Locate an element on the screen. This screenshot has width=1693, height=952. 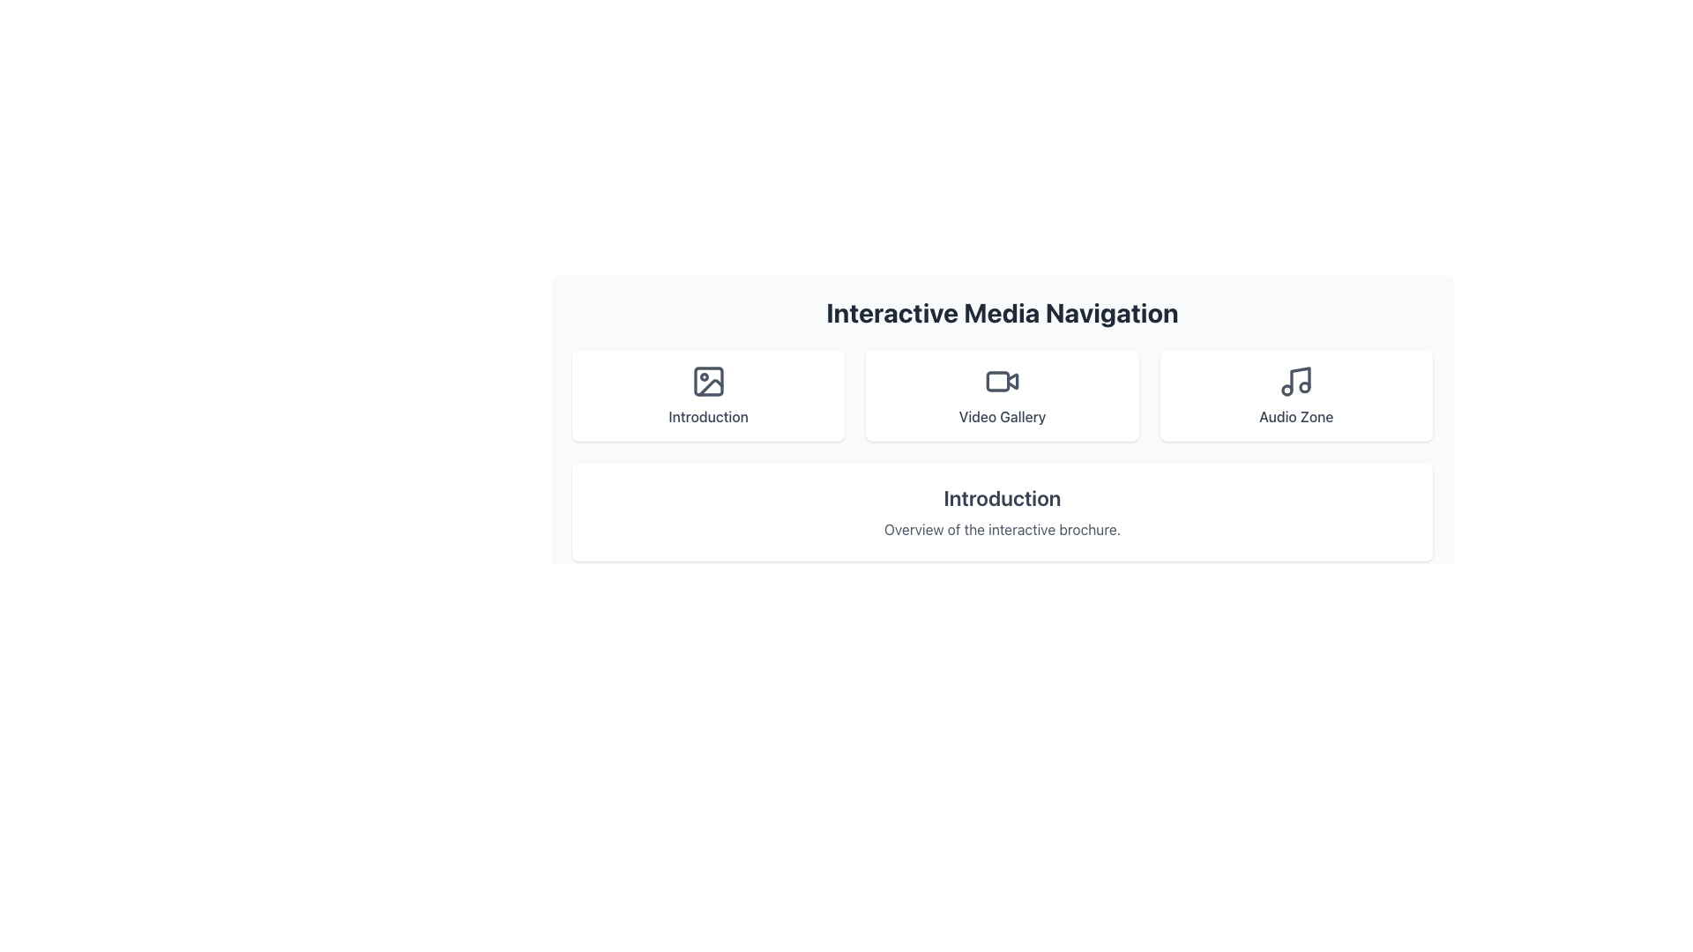
the 'Audio Zone' button, which is a rectangular area with a musical note icon and a white background, located in the third column of the grid is located at coordinates (1296, 394).